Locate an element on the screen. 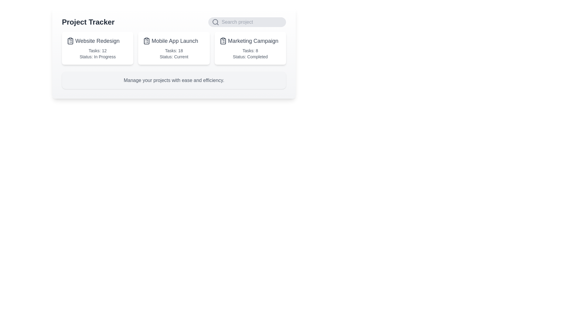 The height and width of the screenshot is (328, 583). the text label displaying the current number of tasks for the 'Mobile App Launch' project, located centrally below the title within the card is located at coordinates (173, 50).